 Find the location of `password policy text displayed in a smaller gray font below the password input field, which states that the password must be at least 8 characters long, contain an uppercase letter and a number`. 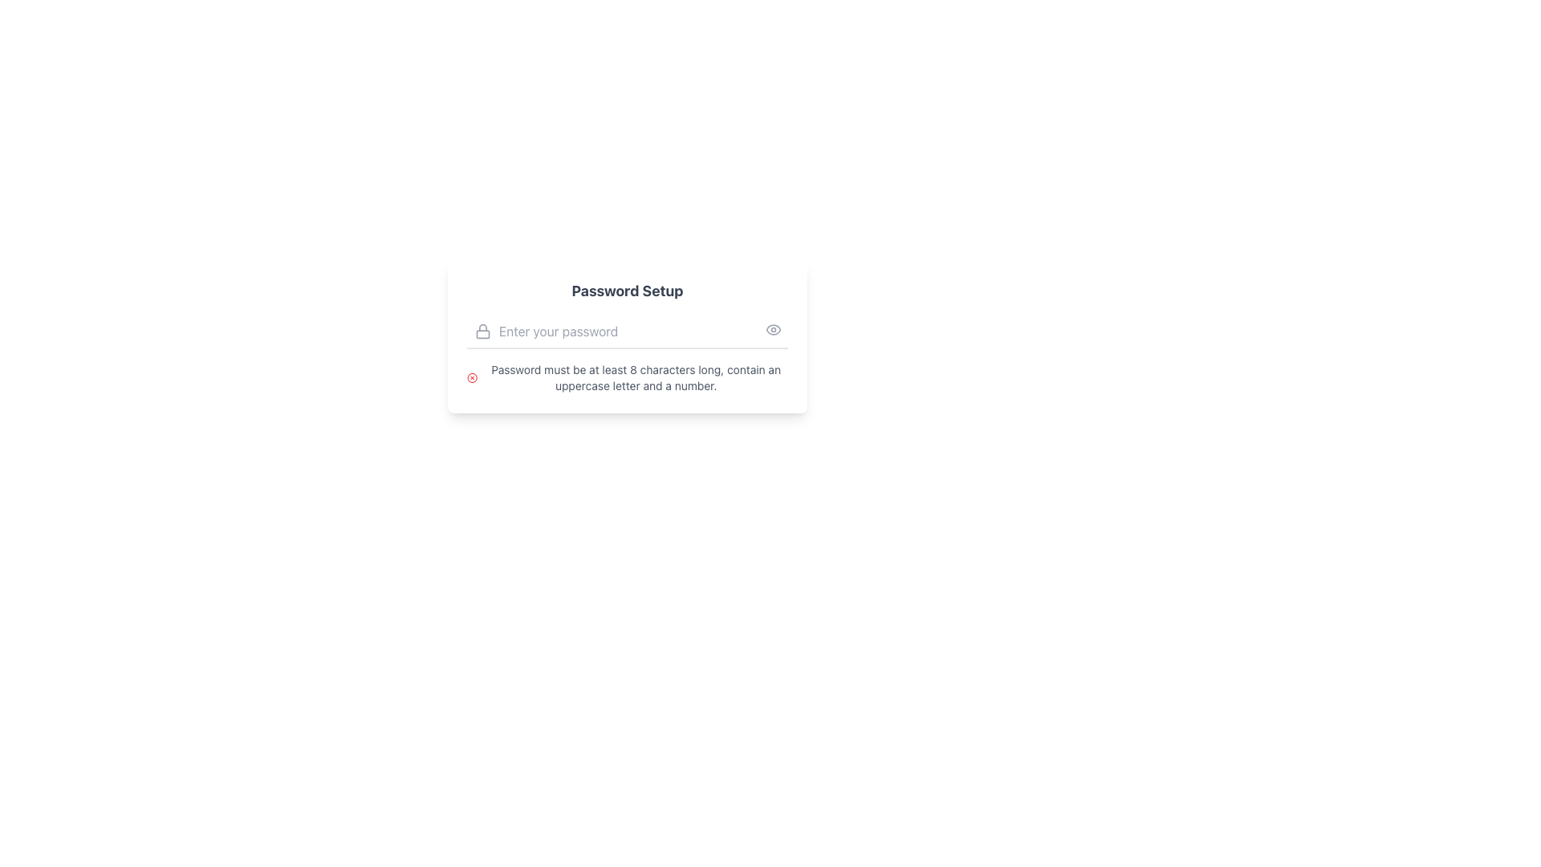

password policy text displayed in a smaller gray font below the password input field, which states that the password must be at least 8 characters long, contain an uppercase letter and a number is located at coordinates (635, 377).